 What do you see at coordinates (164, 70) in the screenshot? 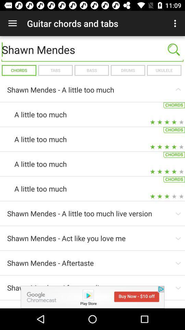
I see `icon next to drums icon` at bounding box center [164, 70].